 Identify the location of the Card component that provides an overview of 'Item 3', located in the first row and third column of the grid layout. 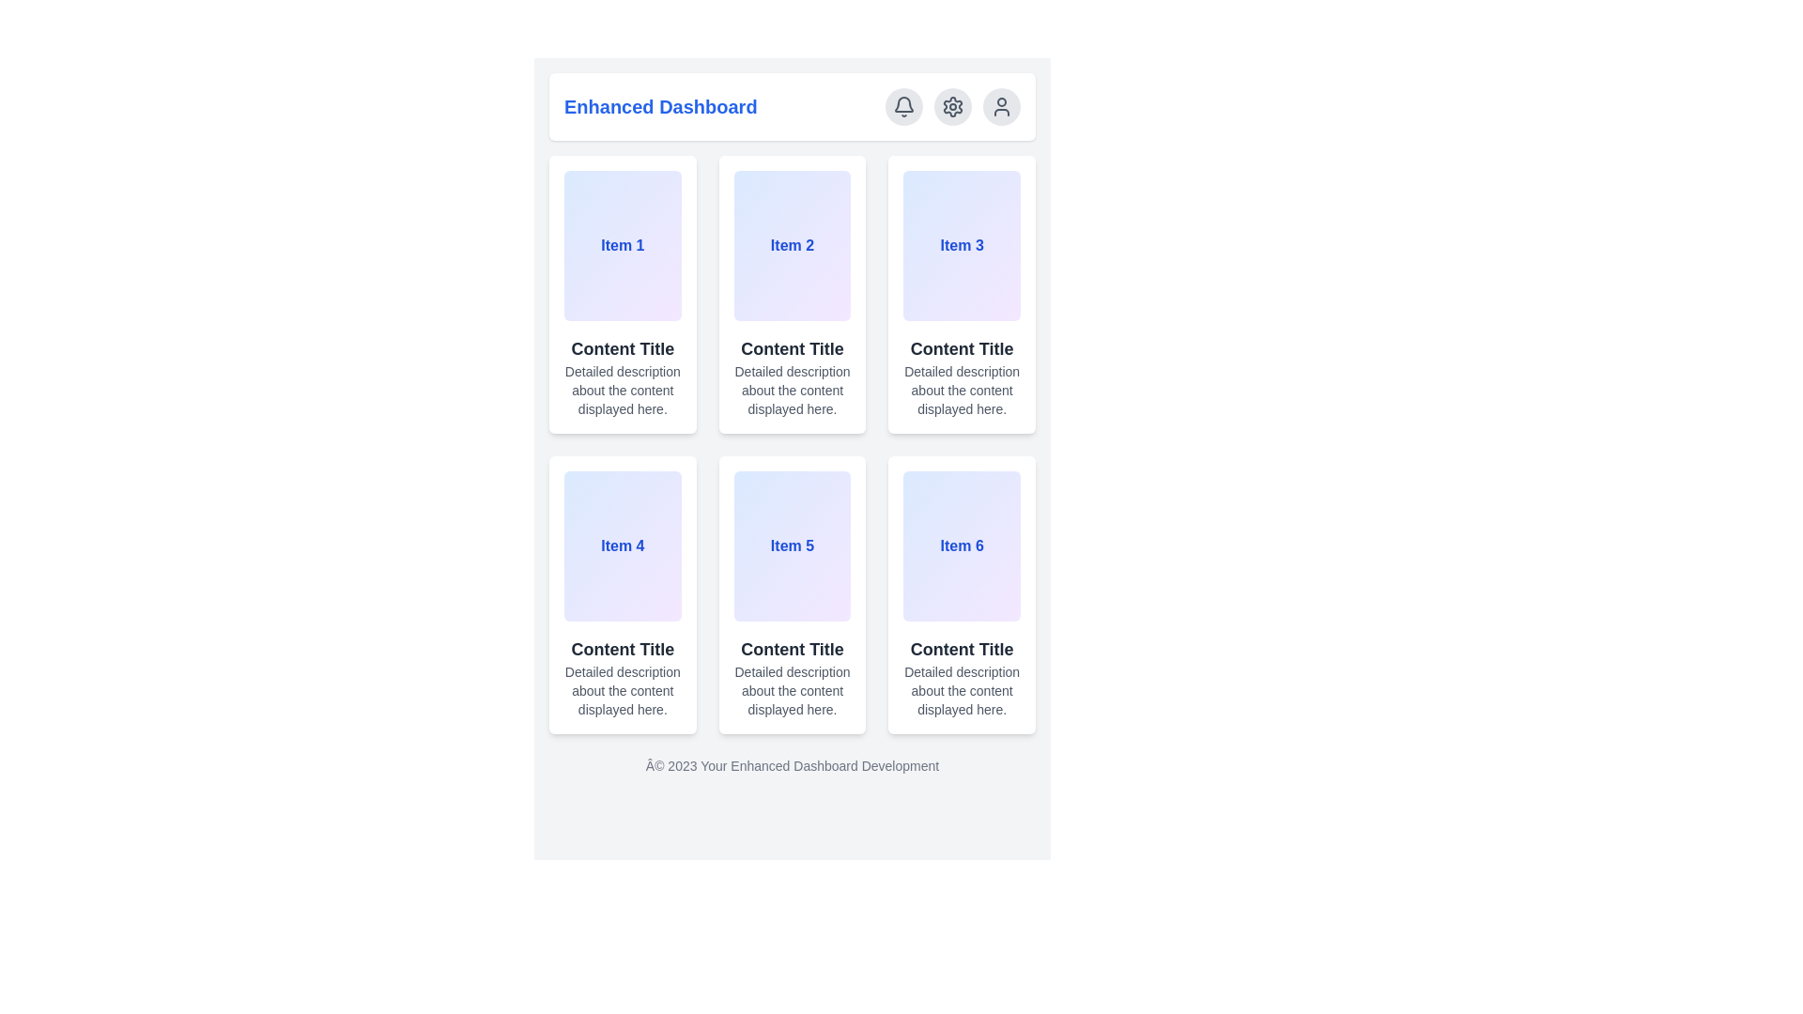
(962, 294).